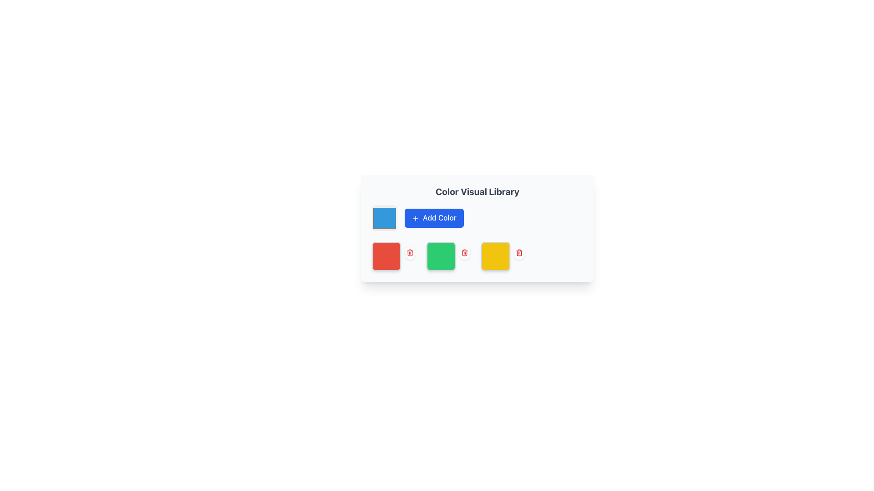  Describe the element at coordinates (504, 256) in the screenshot. I see `the yellow color swatch located in the bottom right corner of the grid` at that location.